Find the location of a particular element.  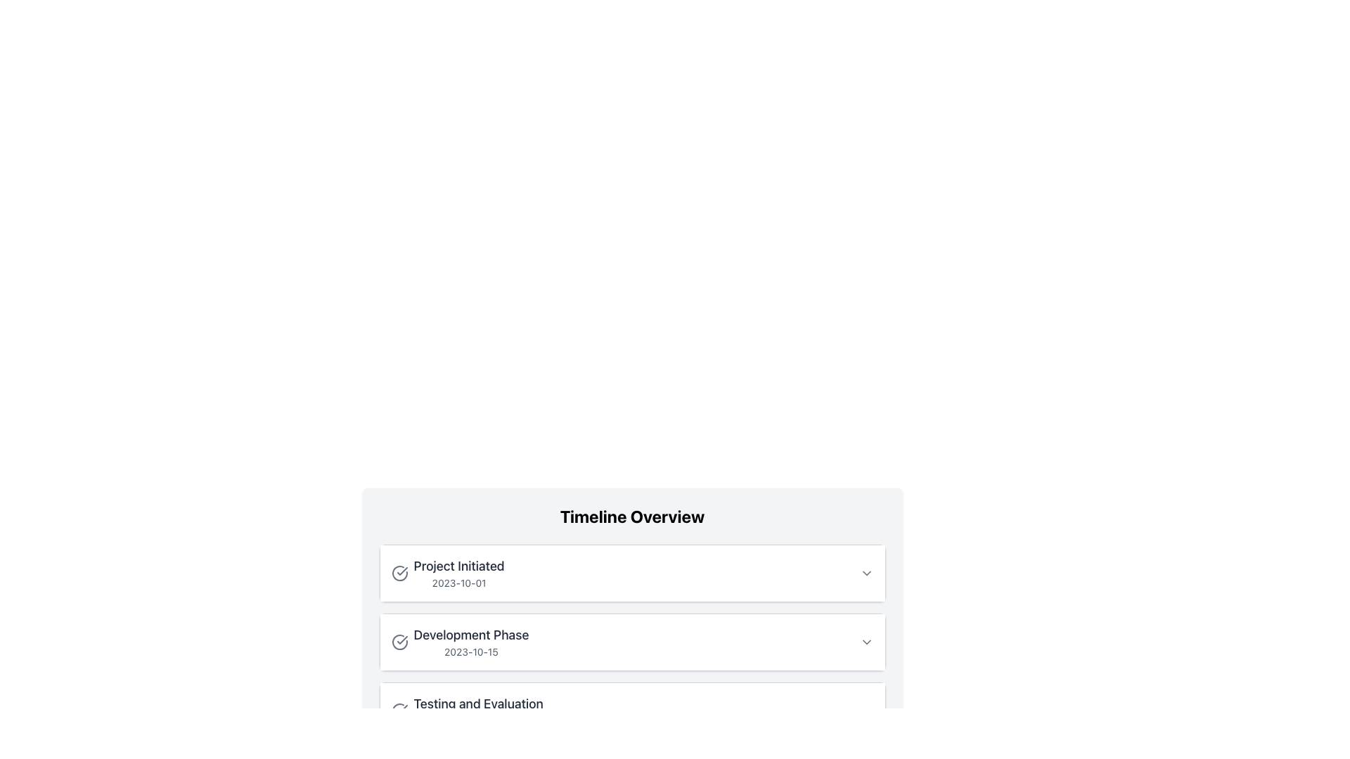

the Chevron icon located at the far right of the 'Project Initiated' section is located at coordinates (866, 573).